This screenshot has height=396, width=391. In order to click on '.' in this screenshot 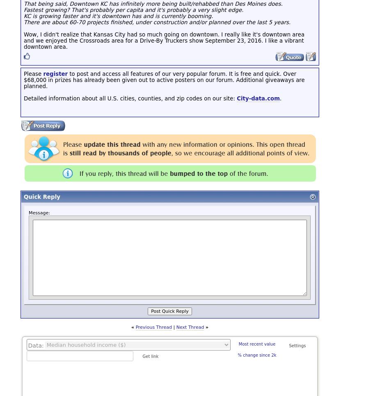, I will do `click(279, 98)`.